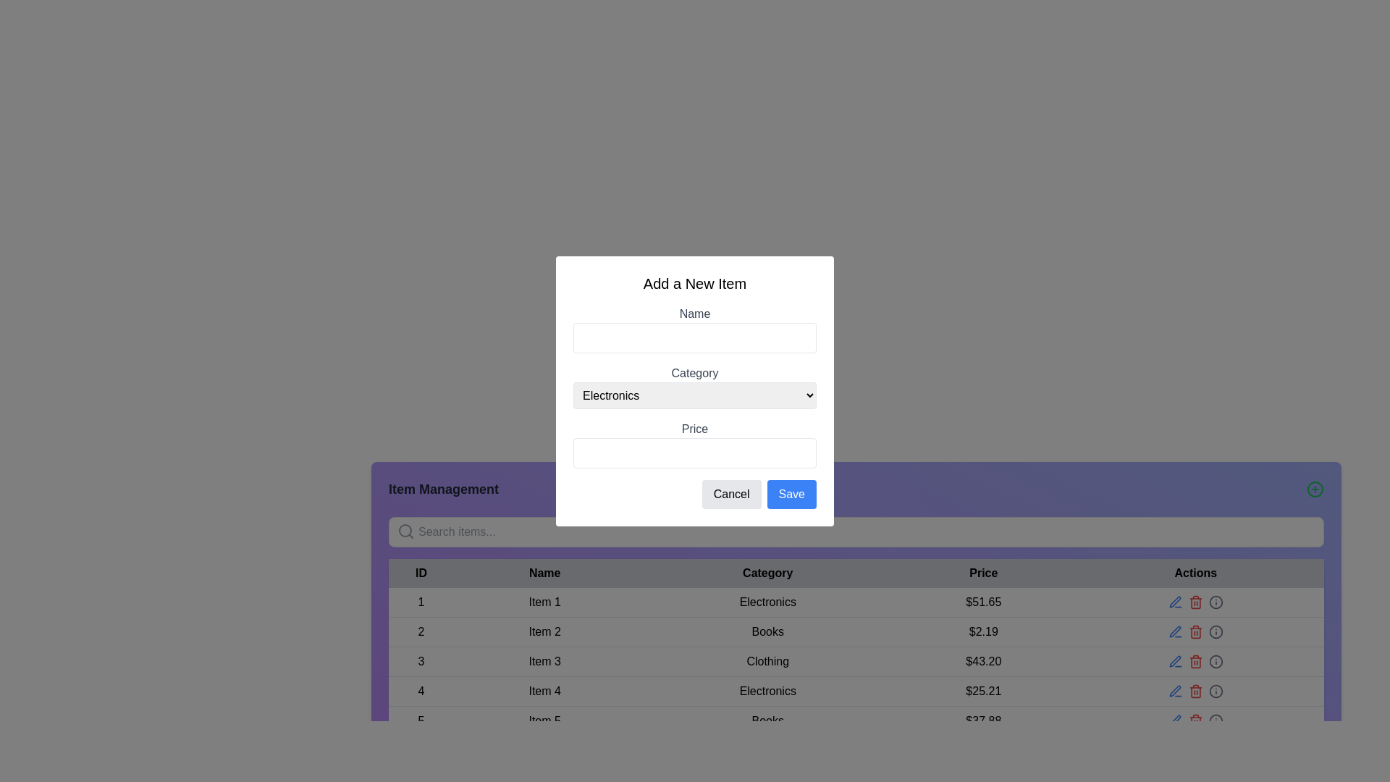 This screenshot has width=1390, height=782. I want to click on the Trash Can icon in the Actions column of the data table to change its color, so click(1195, 602).